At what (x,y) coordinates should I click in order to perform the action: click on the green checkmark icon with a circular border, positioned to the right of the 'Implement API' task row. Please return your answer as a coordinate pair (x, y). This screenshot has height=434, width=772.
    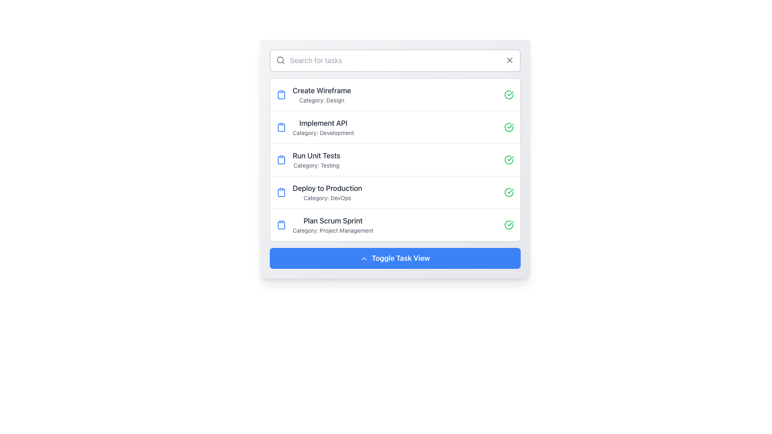
    Looking at the image, I should click on (509, 127).